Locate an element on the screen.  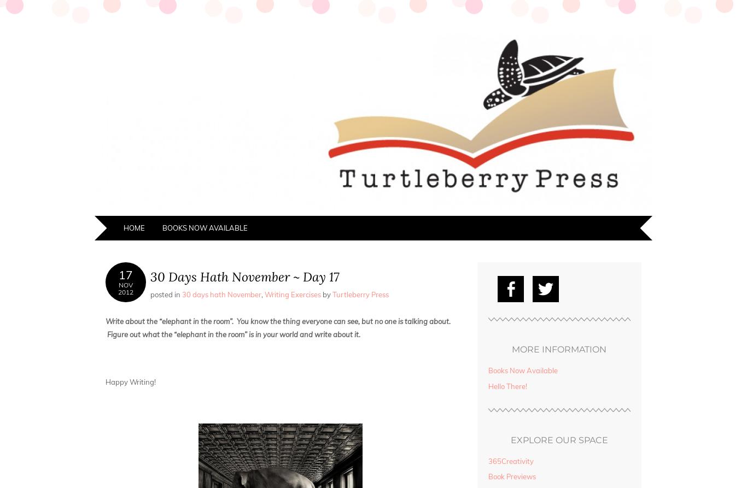
'Hello There!' is located at coordinates (507, 386).